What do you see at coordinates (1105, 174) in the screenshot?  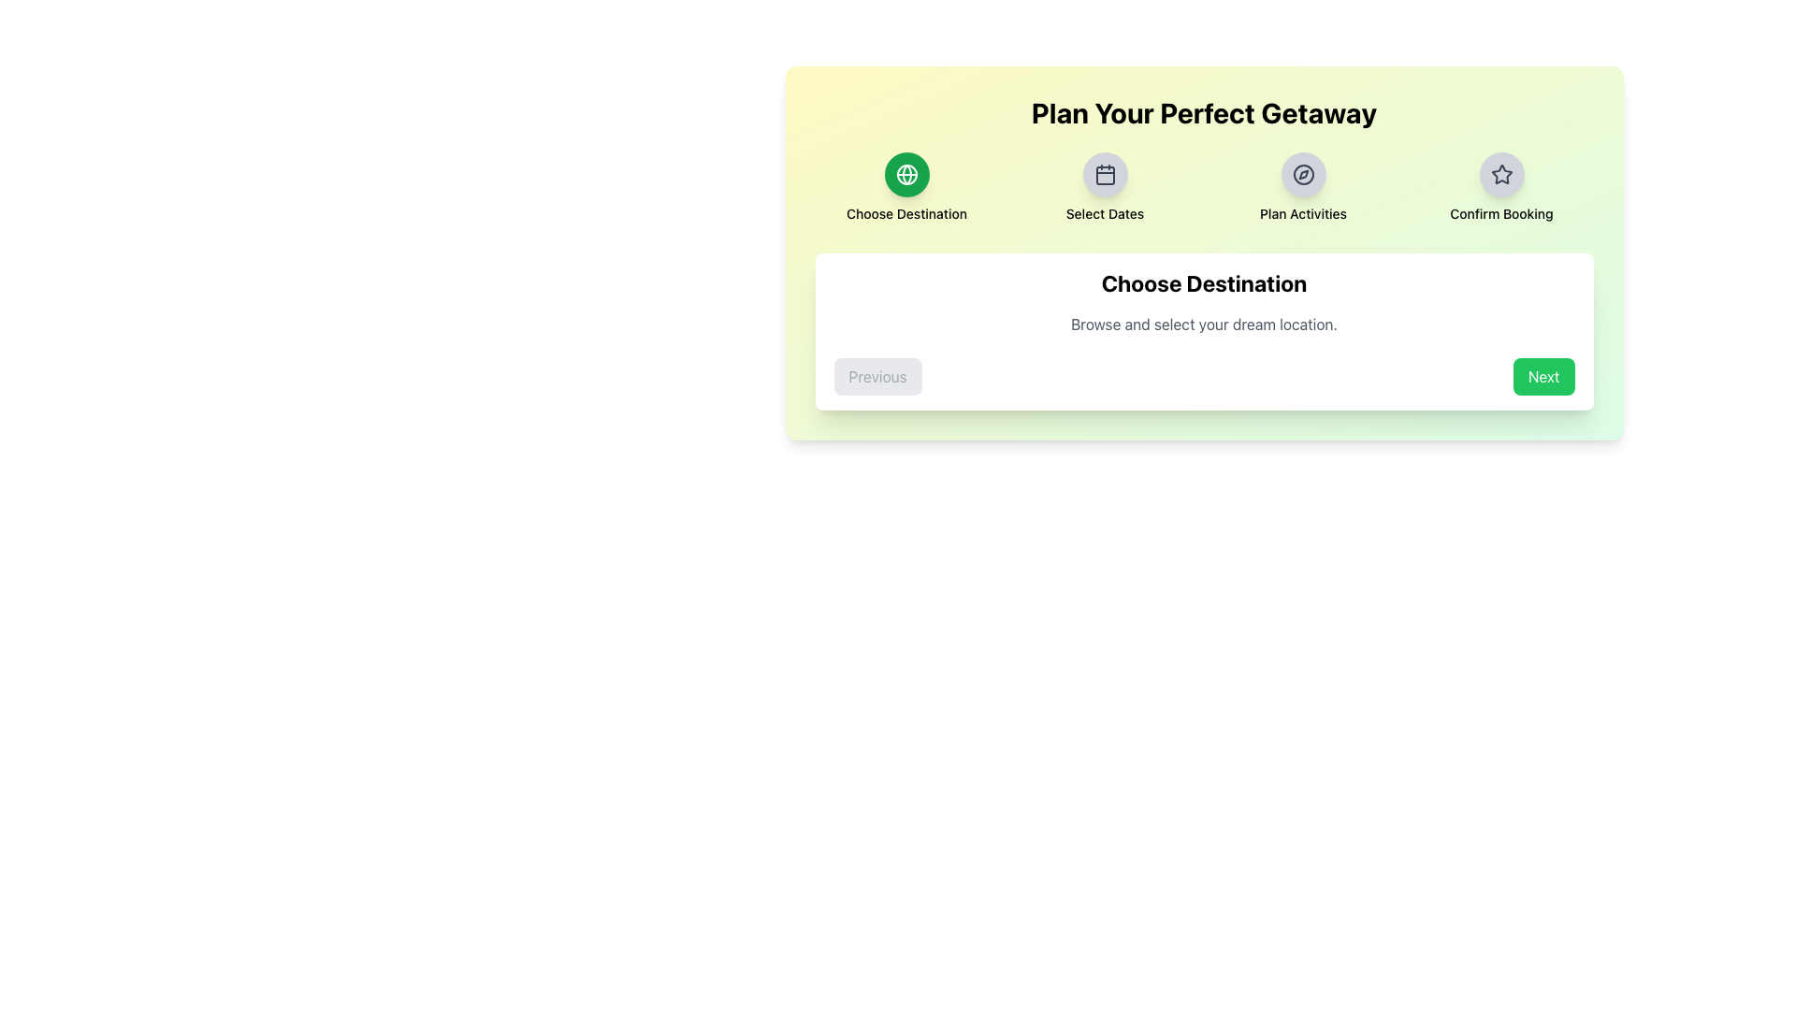 I see `the circular calendar icon located in the 'Select Dates' section, positioned between 'Choose Destination' and 'Plan Activities' icons` at bounding box center [1105, 174].